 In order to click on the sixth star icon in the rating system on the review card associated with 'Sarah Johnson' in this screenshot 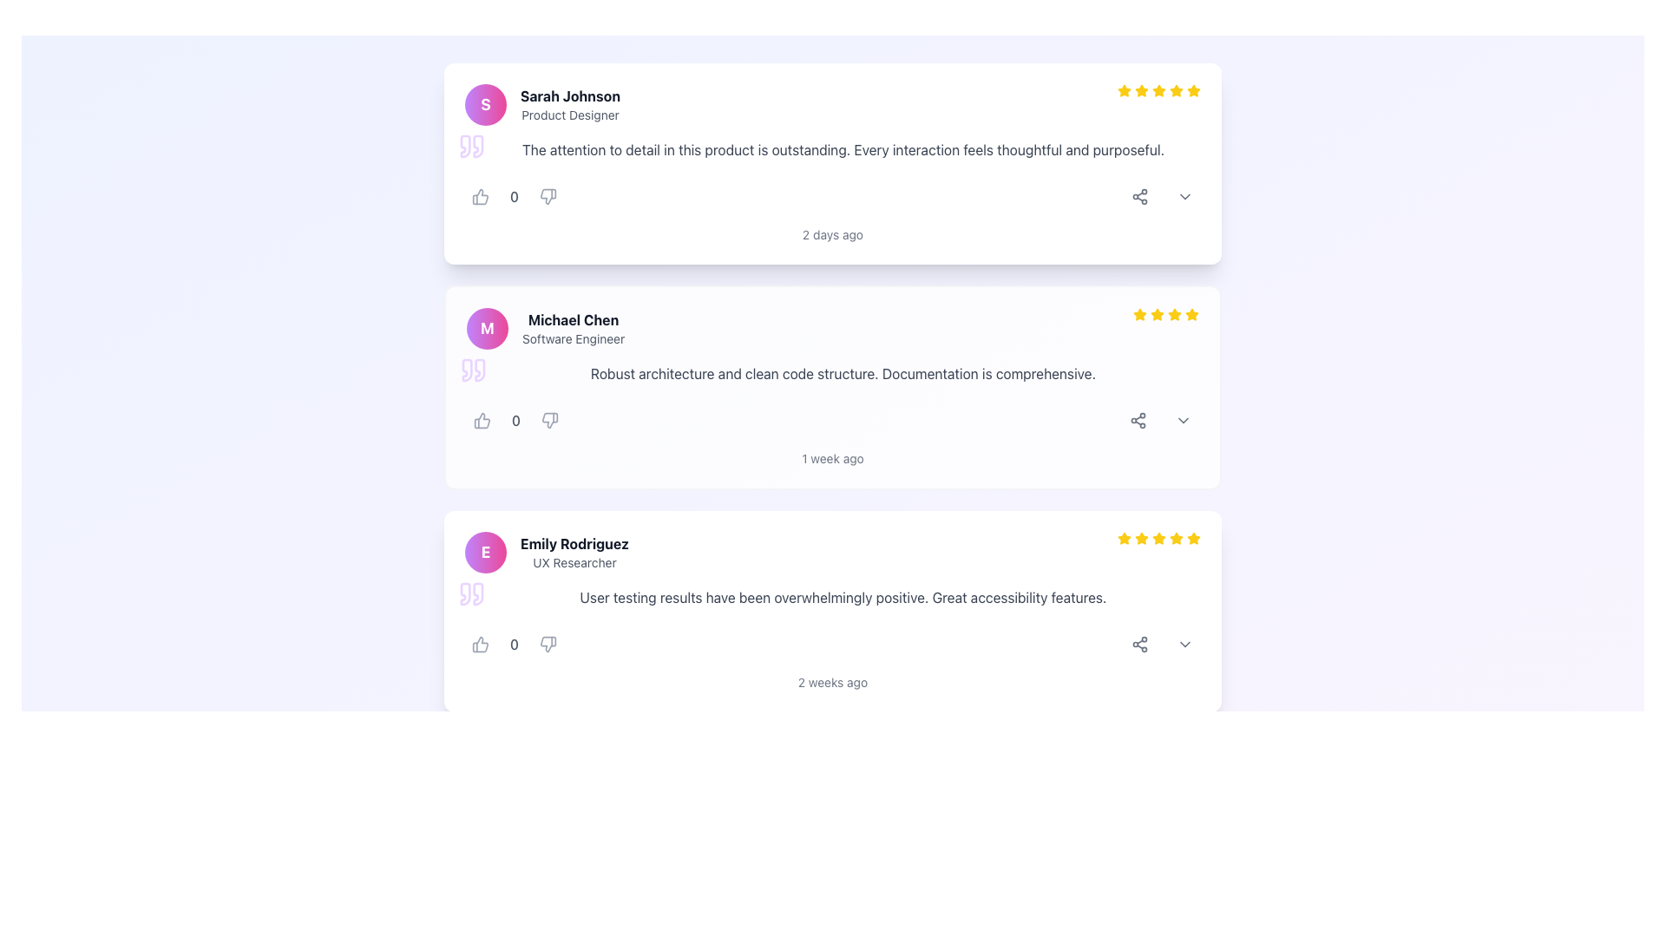, I will do `click(1177, 90)`.